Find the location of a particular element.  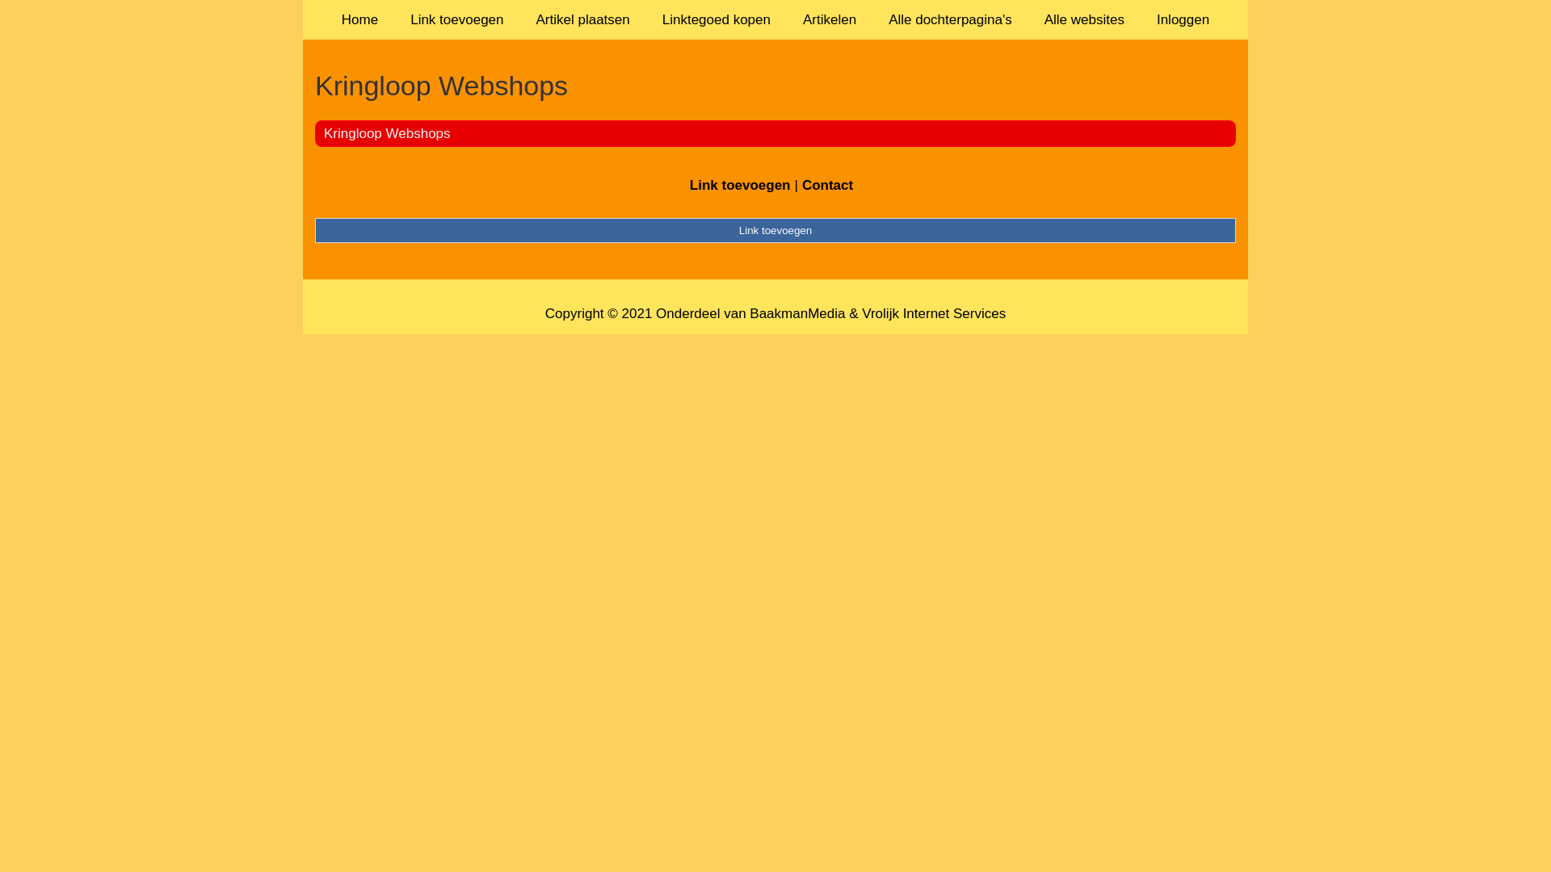

'Alle dochterpagina's' is located at coordinates (950, 19).